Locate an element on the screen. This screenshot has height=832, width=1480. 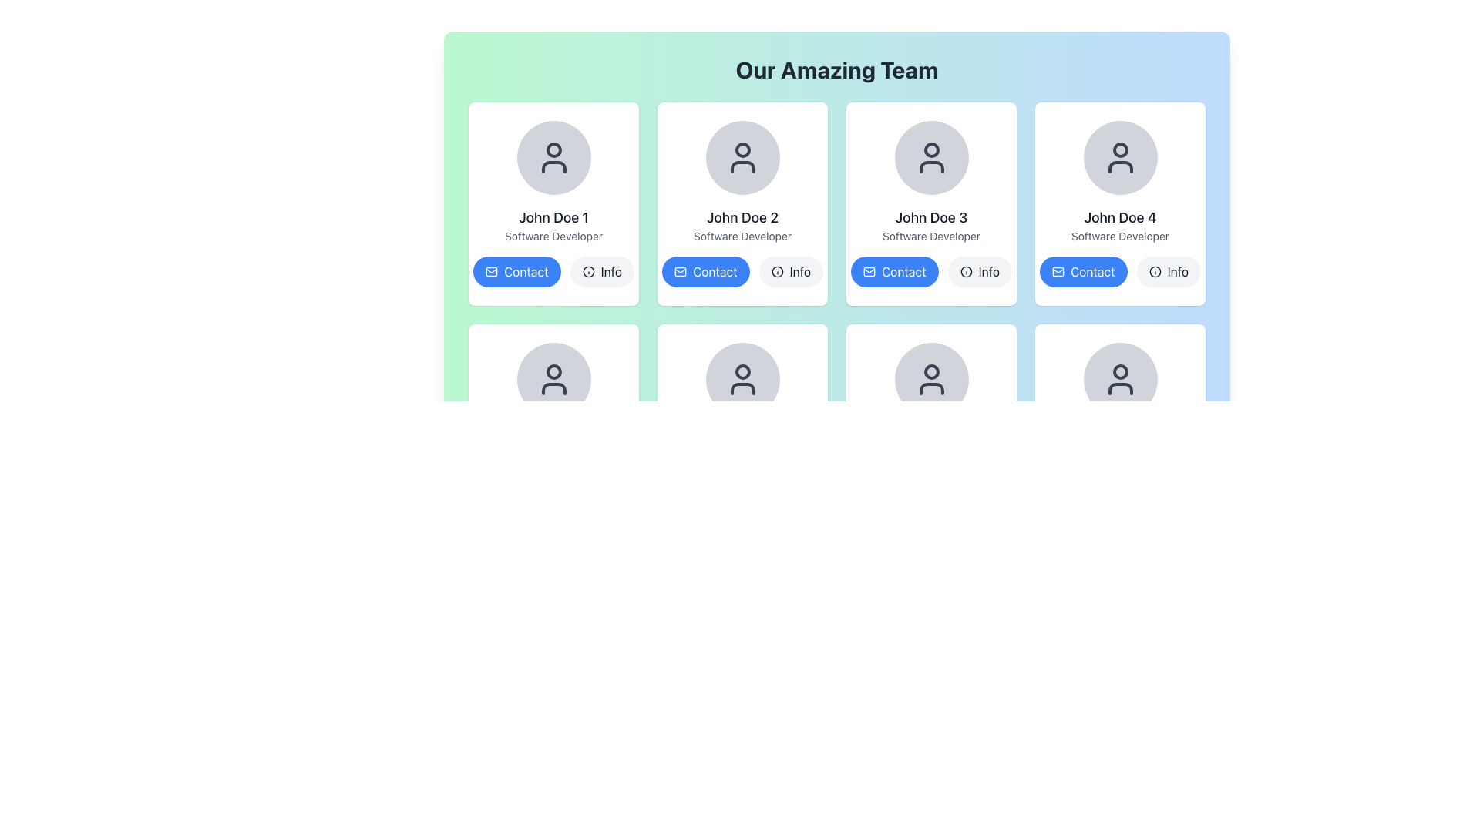
the User icon graphic representing 'John Doe 2' in the profile card, which is located in the second column of the first row of the 'Our Amazing Team' grid layout is located at coordinates (742, 157).